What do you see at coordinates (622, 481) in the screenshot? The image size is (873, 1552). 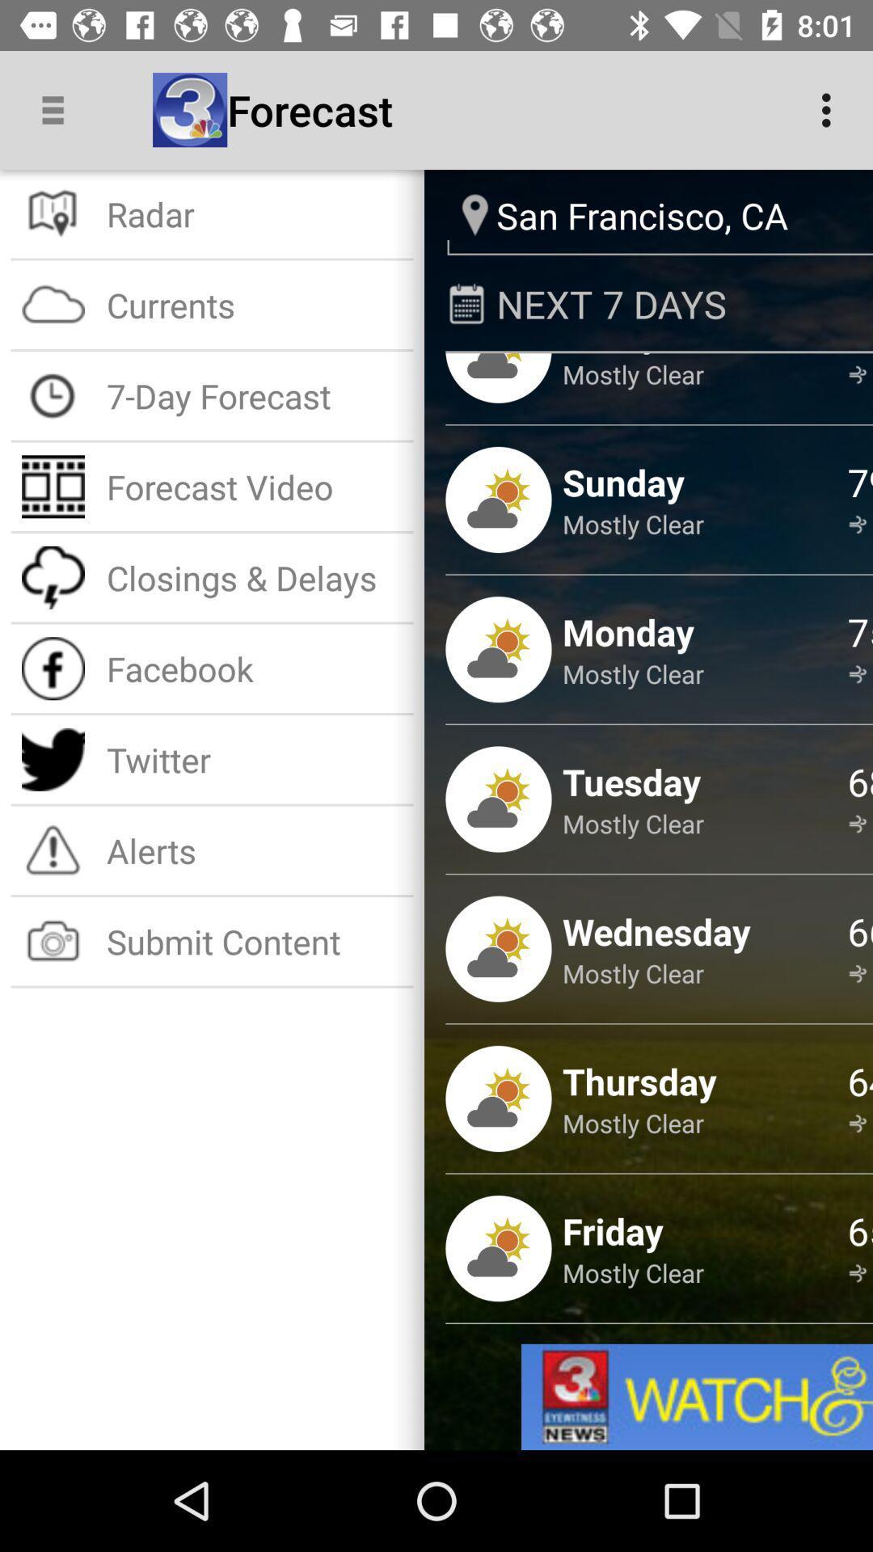 I see `sunday` at bounding box center [622, 481].